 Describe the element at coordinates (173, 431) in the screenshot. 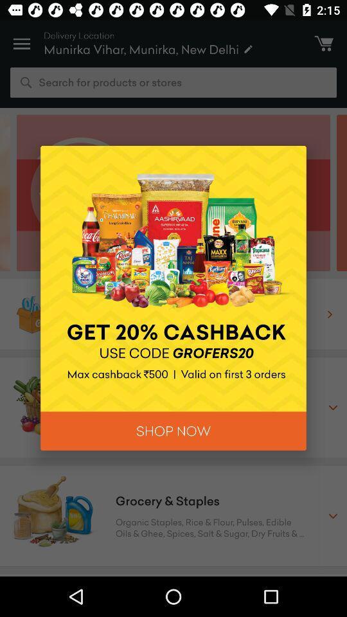

I see `the shop now icon` at that location.